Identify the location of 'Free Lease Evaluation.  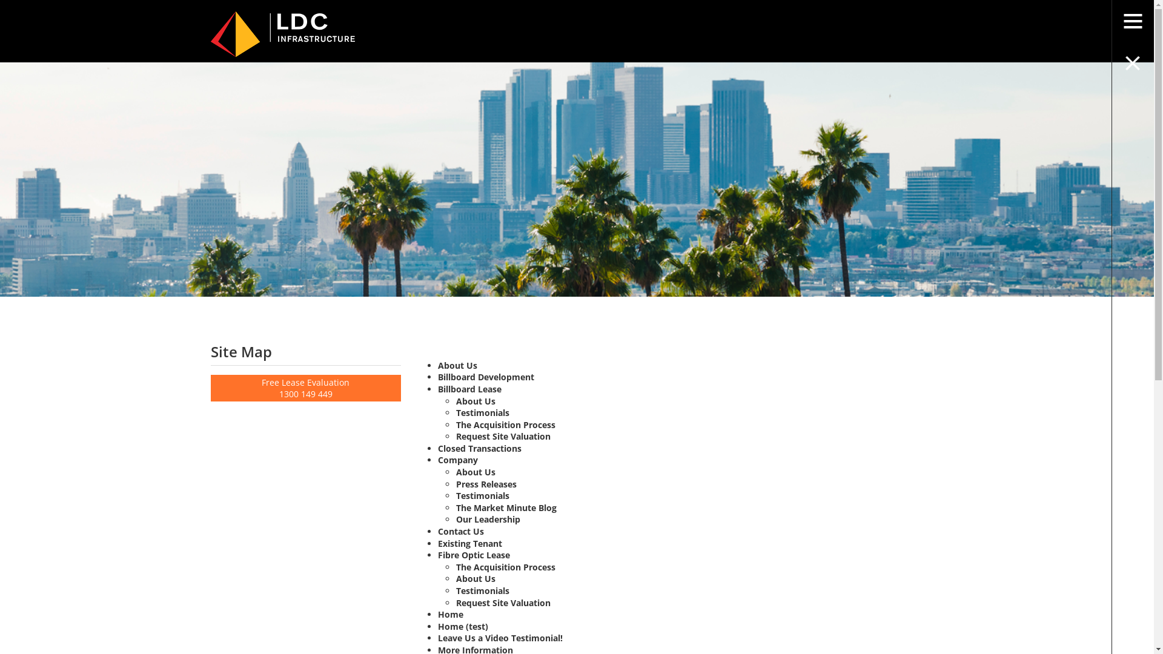
(306, 388).